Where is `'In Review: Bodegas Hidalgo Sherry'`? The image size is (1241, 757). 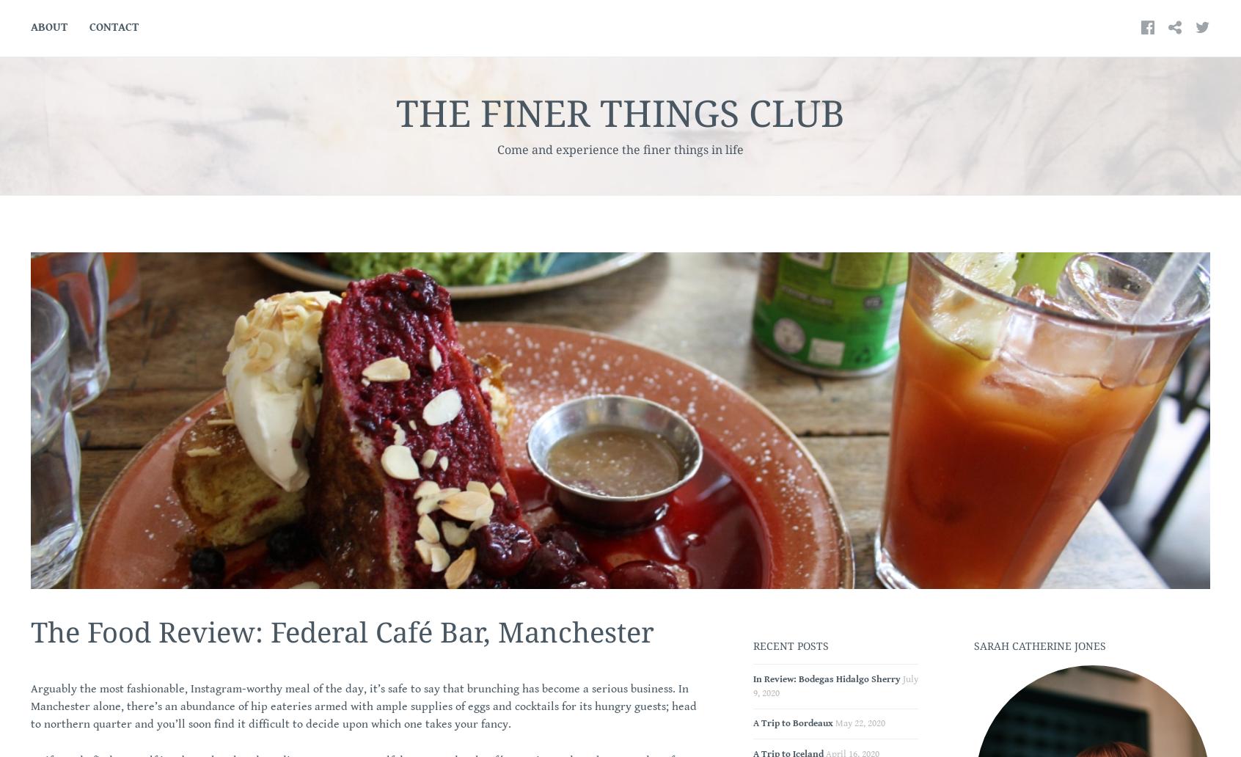 'In Review: Bodegas Hidalgo Sherry' is located at coordinates (826, 678).